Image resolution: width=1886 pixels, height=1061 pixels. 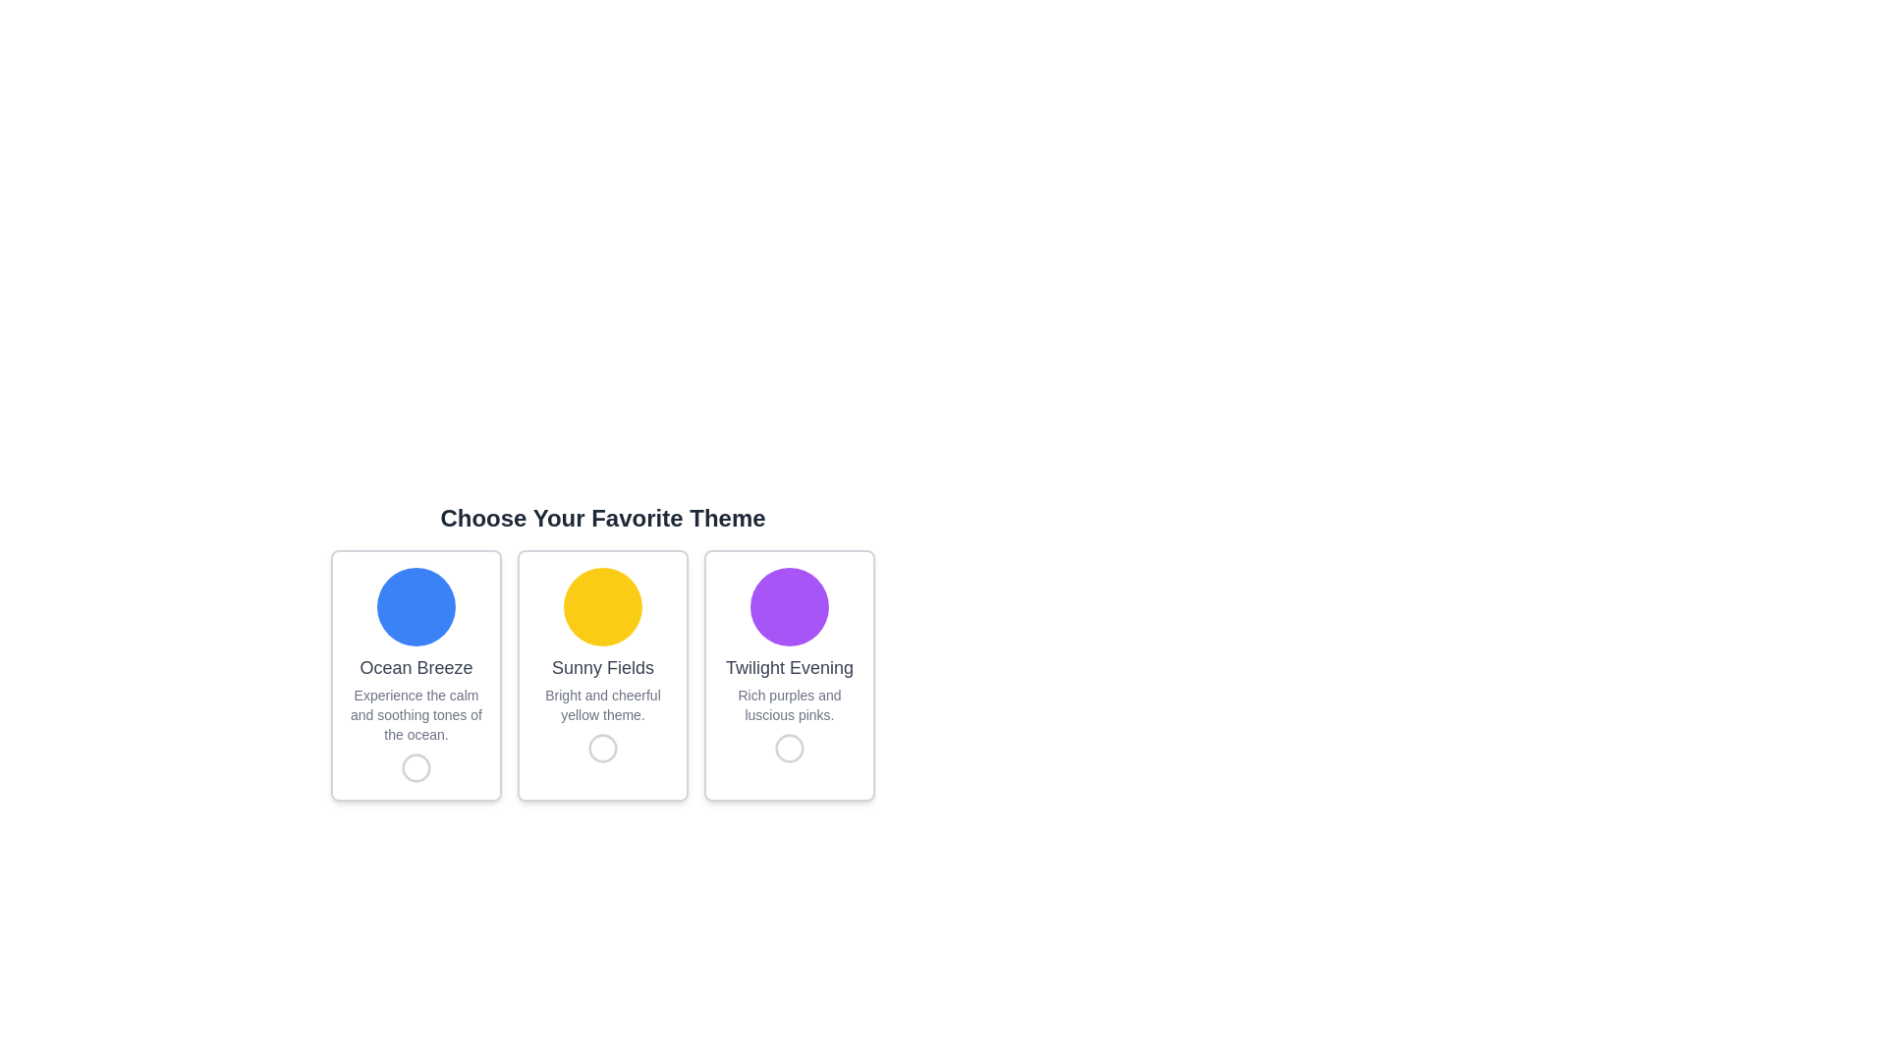 I want to click on the vibrant purple circular decorative element located in the central section of the 'Twilight Evening' card, so click(x=790, y=605).